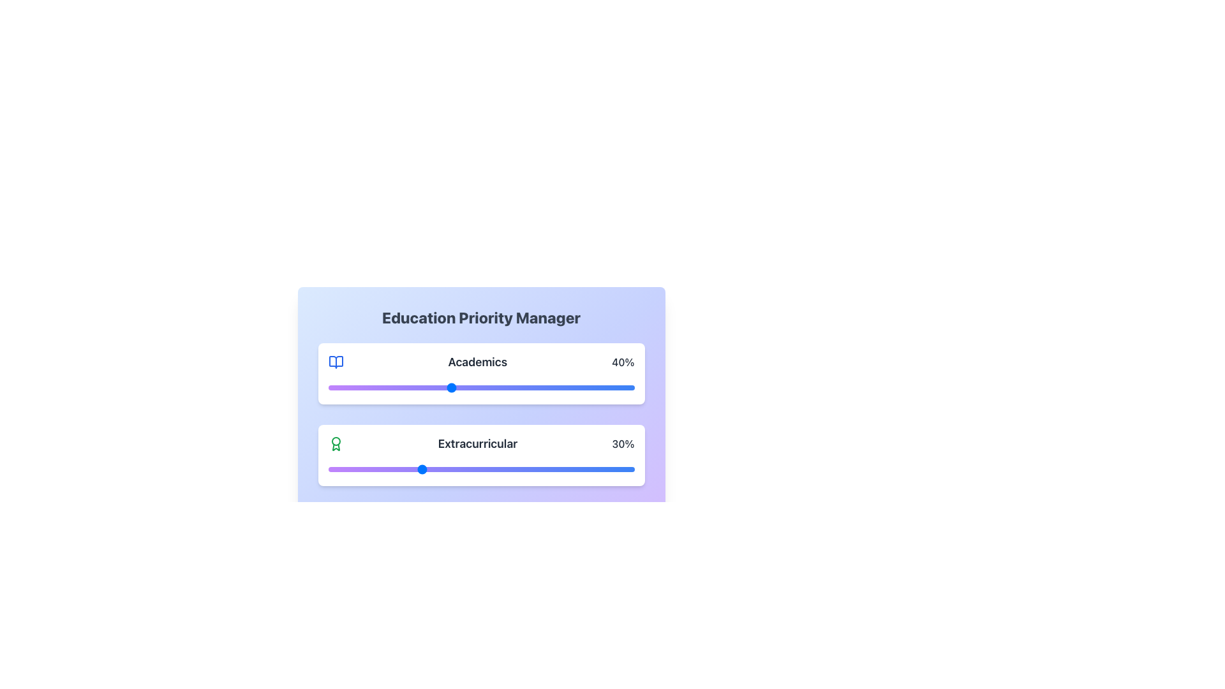 This screenshot has height=689, width=1225. I want to click on the 'Academics' label for the slider component that is positioned between an open book icon and the text '40%' in the Education Priority Manager interface, so click(477, 362).